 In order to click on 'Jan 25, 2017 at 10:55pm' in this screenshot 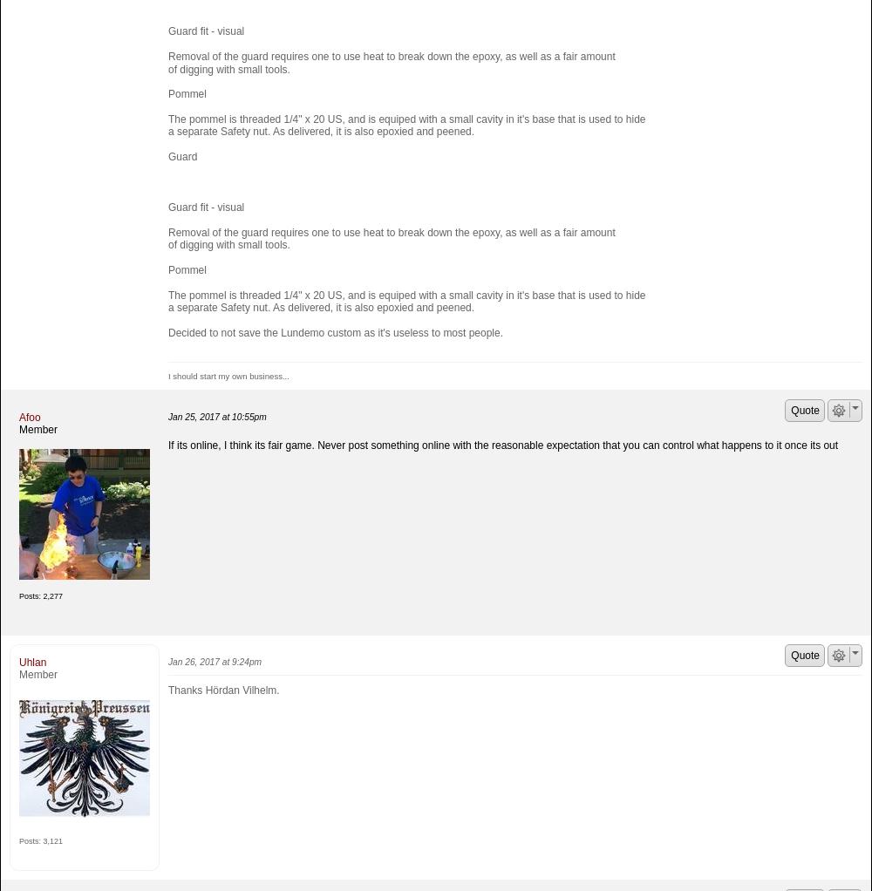, I will do `click(216, 416)`.